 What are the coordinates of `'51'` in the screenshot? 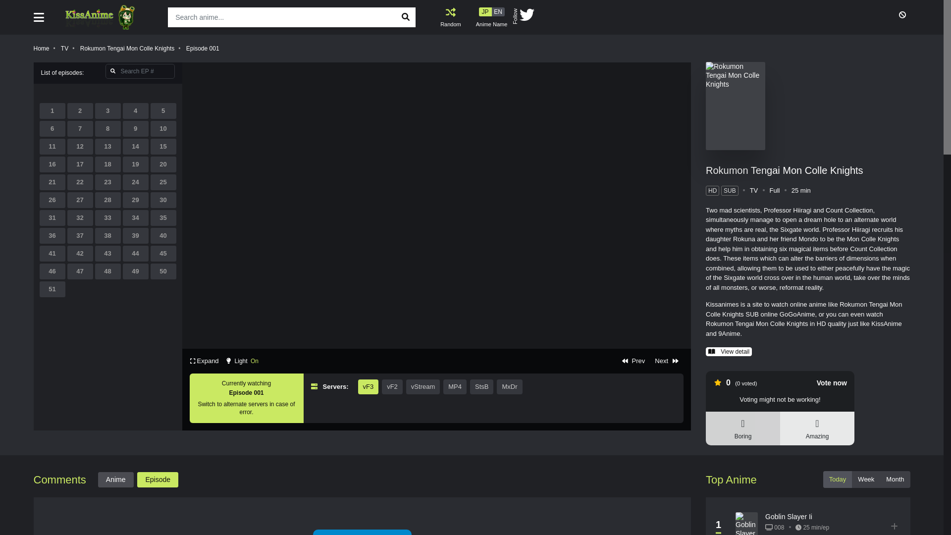 It's located at (52, 289).